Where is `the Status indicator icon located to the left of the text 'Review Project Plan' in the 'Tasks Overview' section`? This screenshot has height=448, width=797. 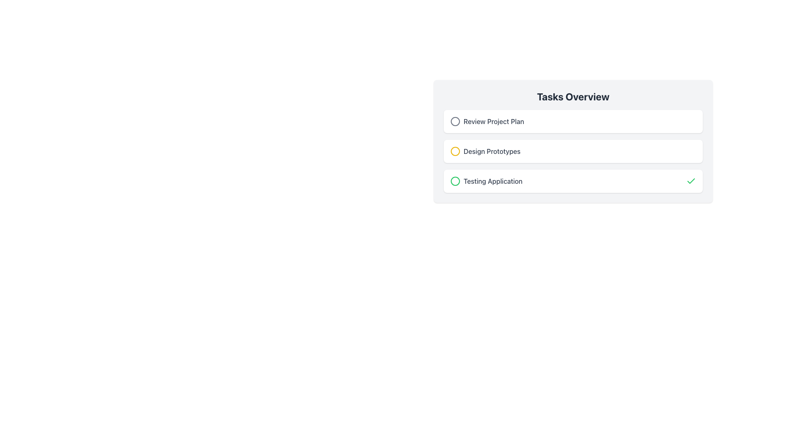
the Status indicator icon located to the left of the text 'Review Project Plan' in the 'Tasks Overview' section is located at coordinates (455, 122).